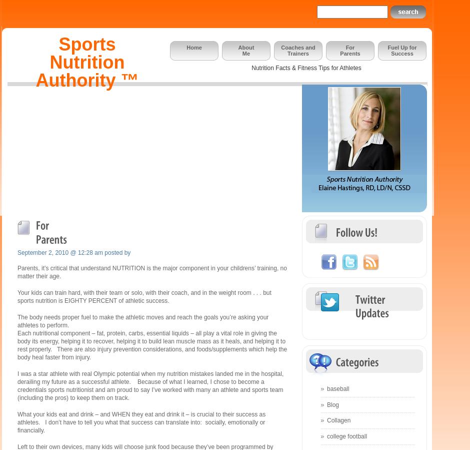  Describe the element at coordinates (143, 296) in the screenshot. I see `'Your kids can train hard, with their team or solo, with their coach, and in the weight room . . . but sports nutrition is EIGHTY PERCENT of athletic success.'` at that location.